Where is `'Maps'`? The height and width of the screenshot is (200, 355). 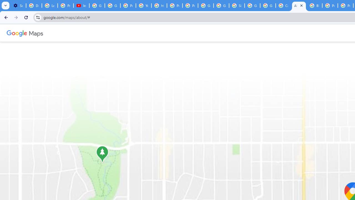
'Maps' is located at coordinates (35, 33).